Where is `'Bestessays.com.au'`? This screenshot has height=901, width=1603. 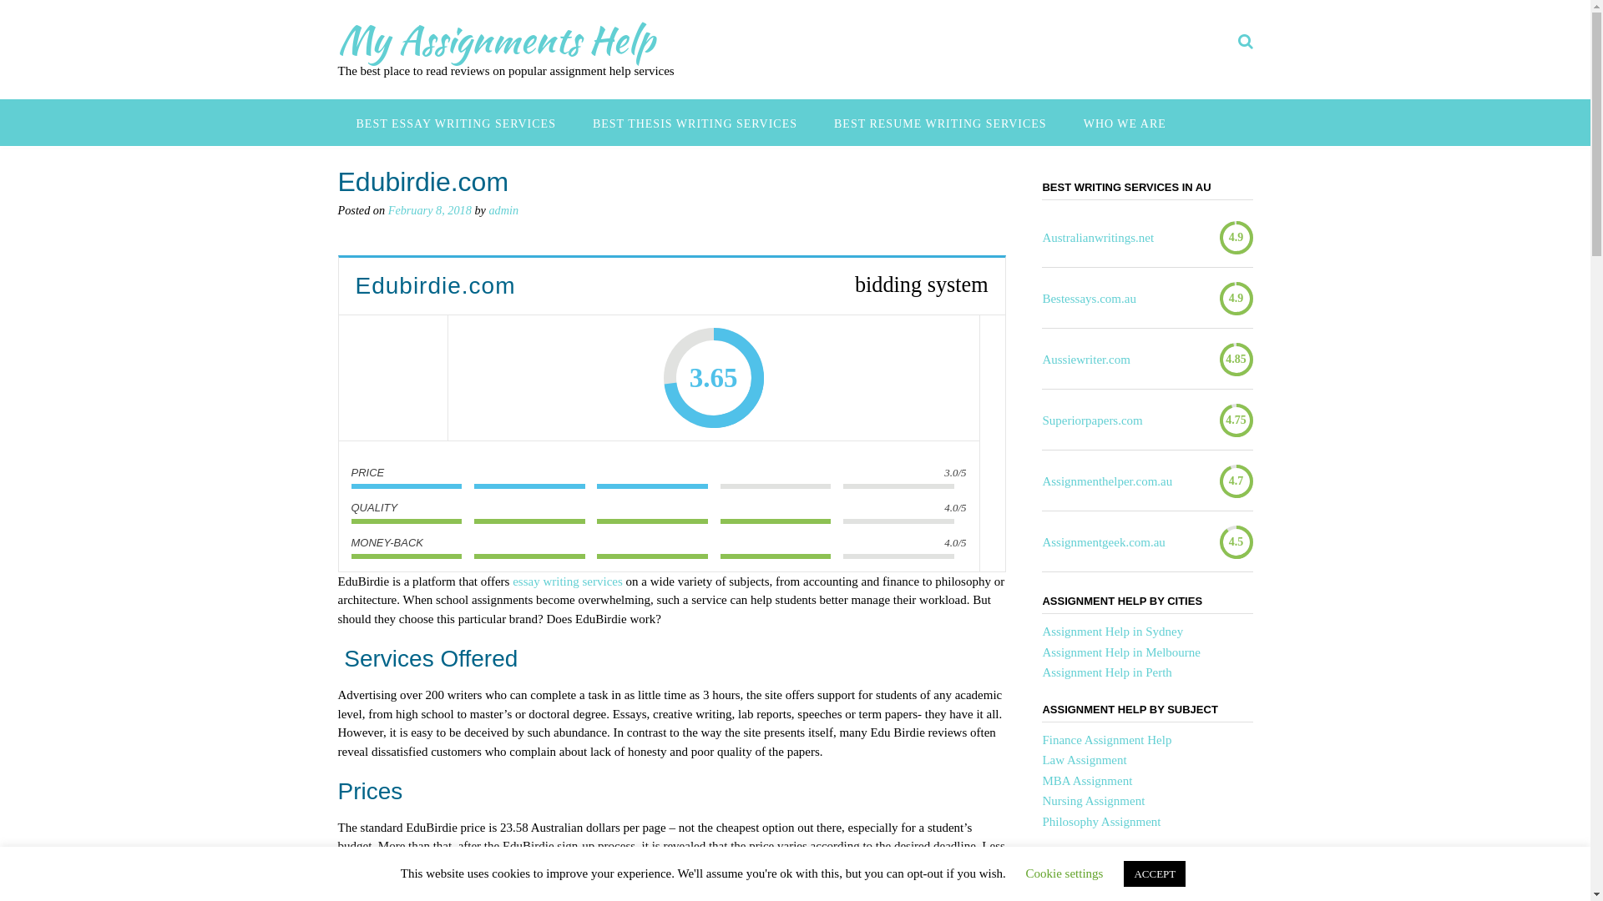 'Bestessays.com.au' is located at coordinates (1089, 298).